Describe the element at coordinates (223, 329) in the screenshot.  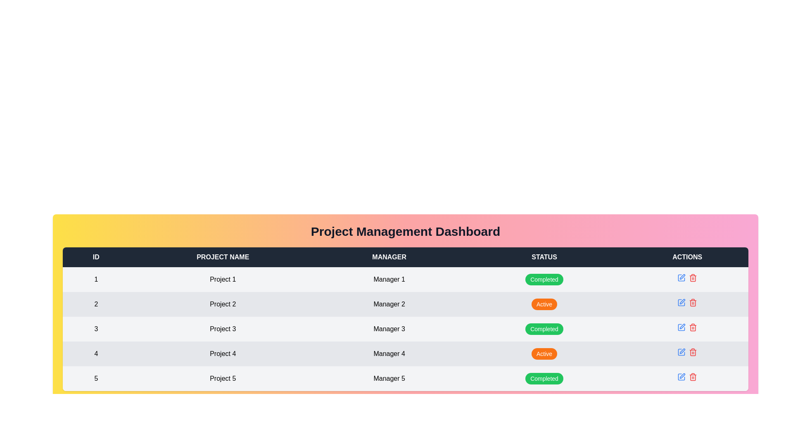
I see `the text label that displays the project name, located in the second cell of the third row in the 'Project Name' column of the table` at that location.